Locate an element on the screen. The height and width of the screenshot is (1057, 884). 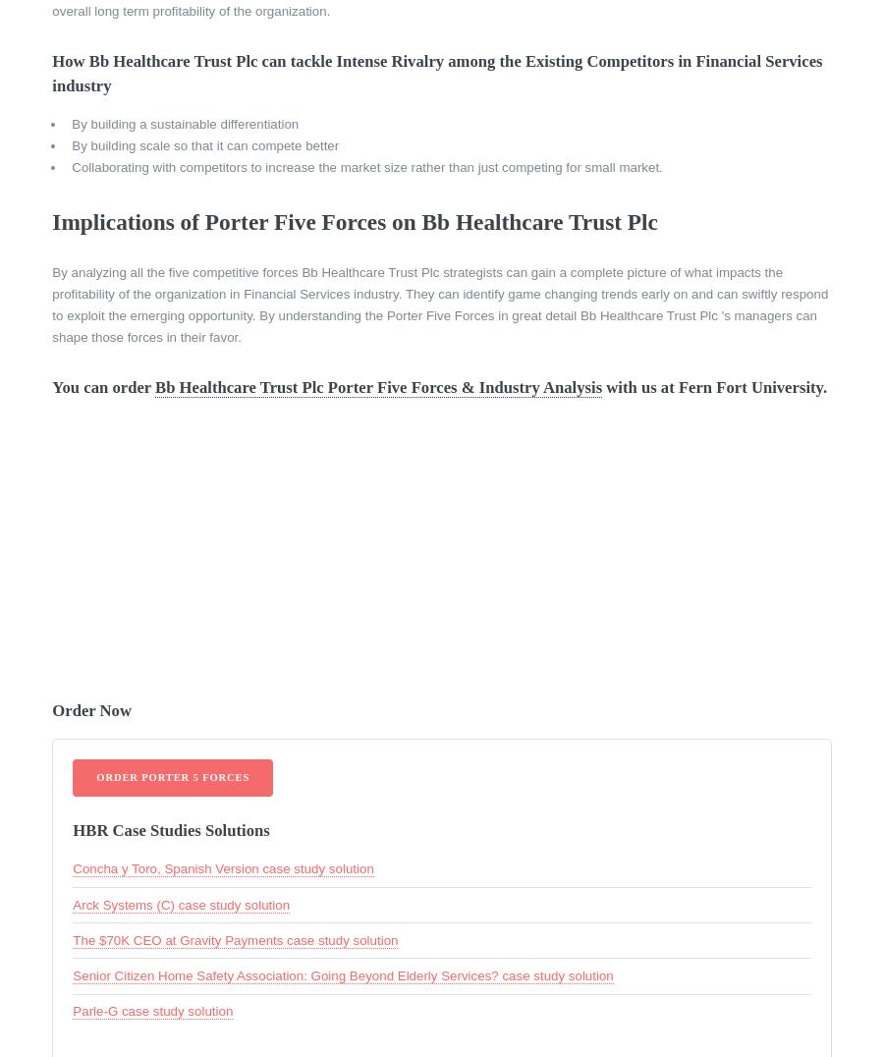
'You can order' is located at coordinates (102, 385).